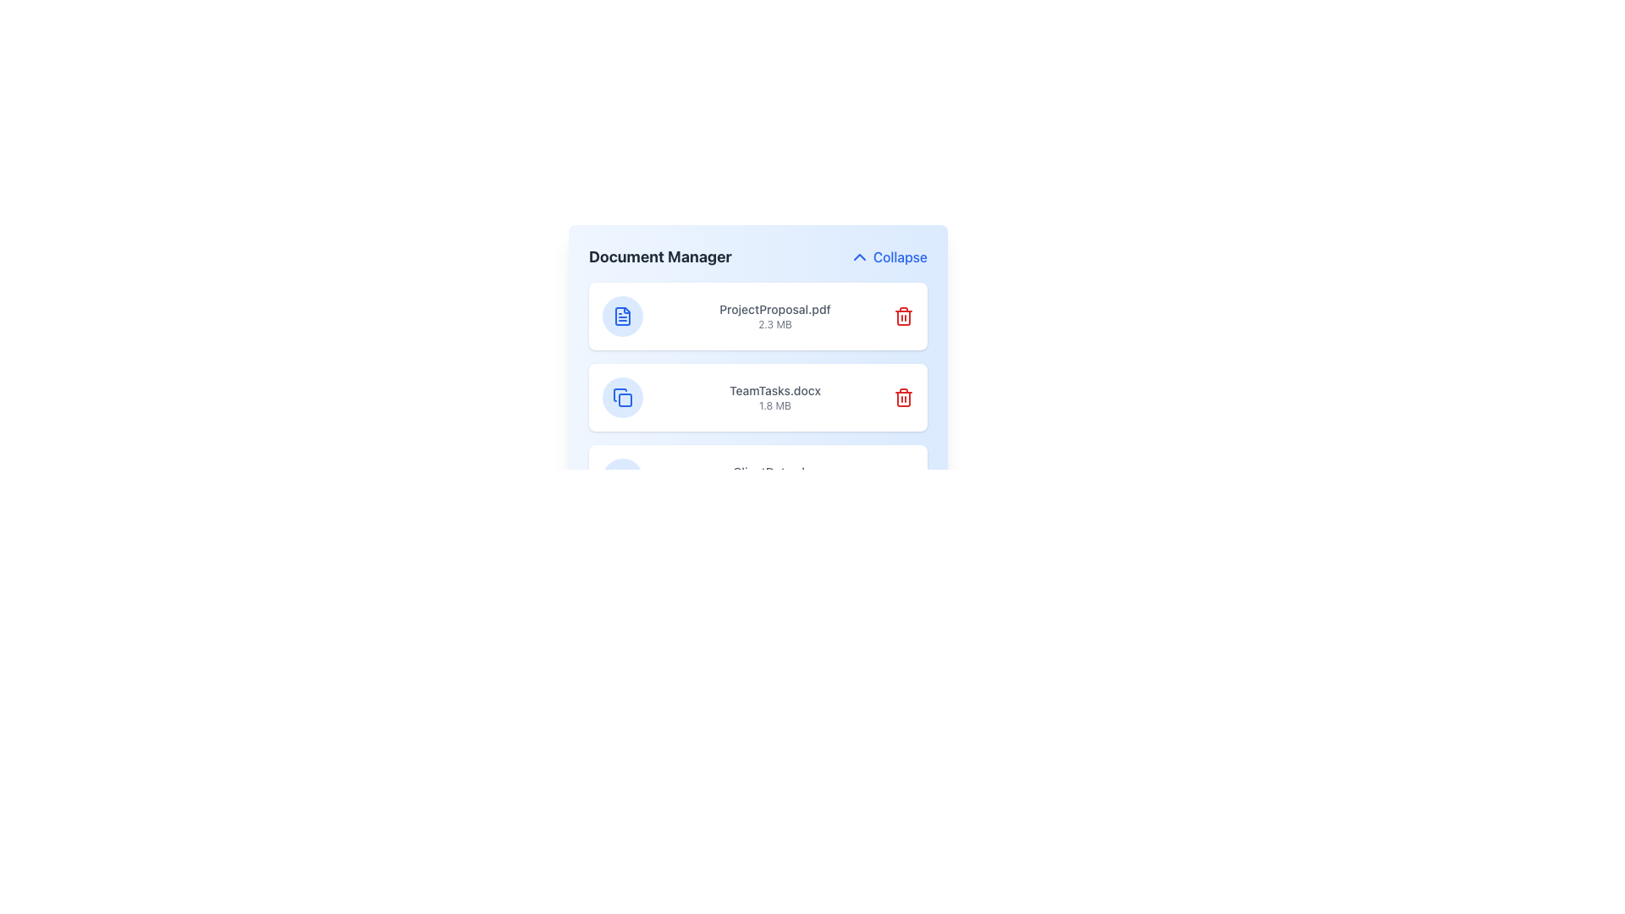 The width and height of the screenshot is (1625, 914). I want to click on the second file entry component in the Document Manager grid layout, located below the 'Document Manager' header, so click(757, 398).